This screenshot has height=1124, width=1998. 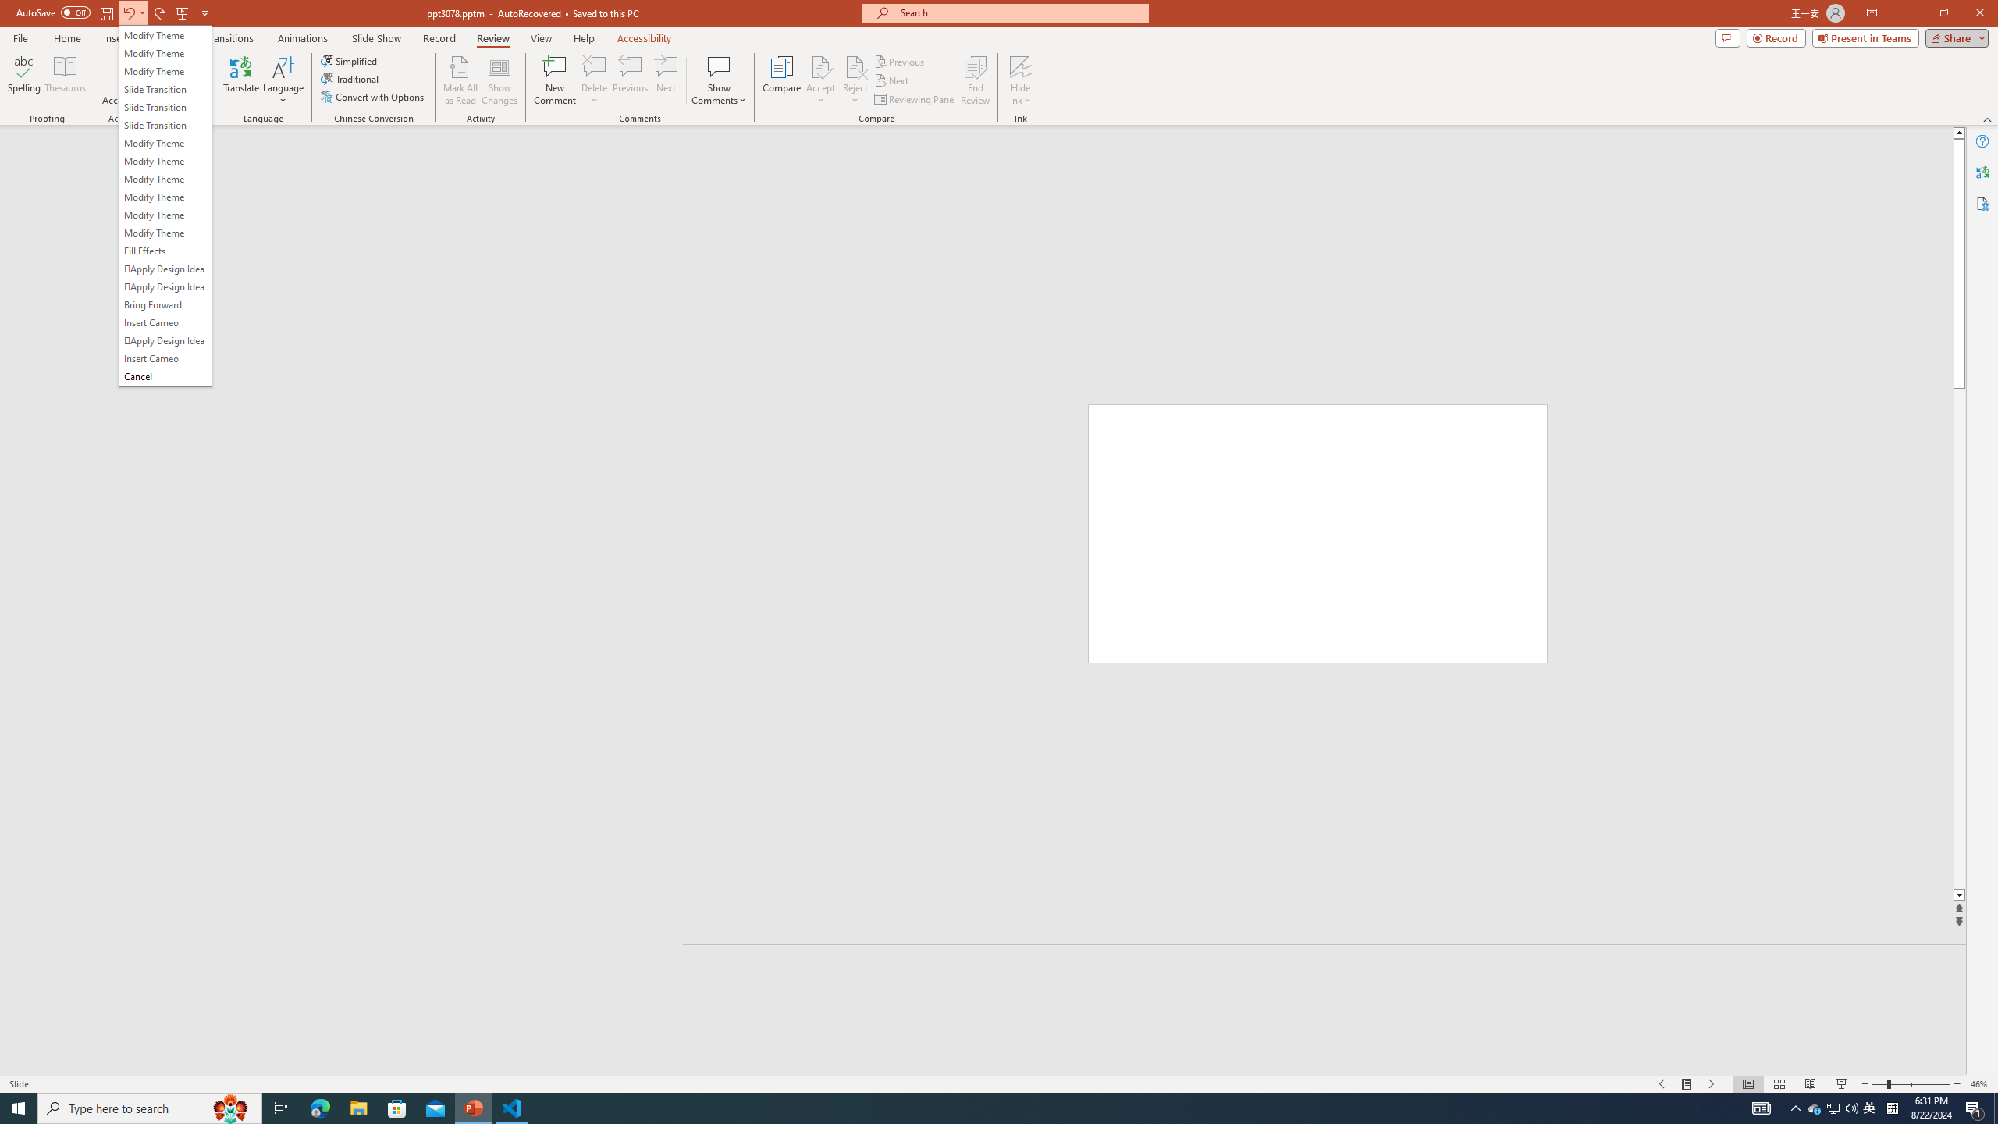 I want to click on 'PowerPoint - 1 running window', so click(x=474, y=1107).